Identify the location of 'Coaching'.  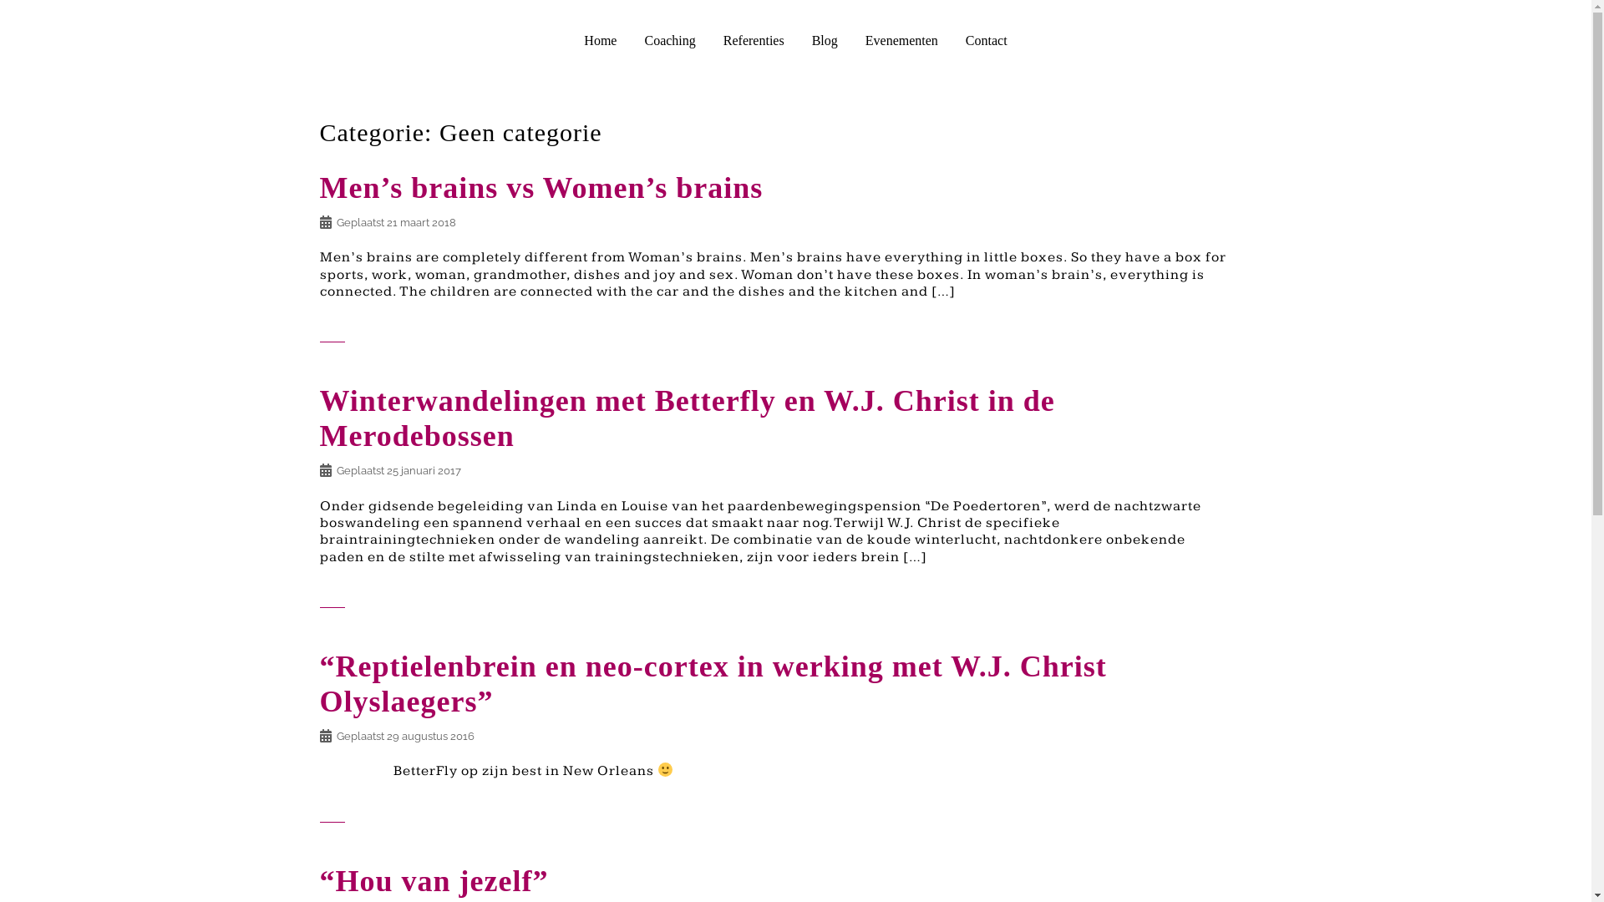
(669, 39).